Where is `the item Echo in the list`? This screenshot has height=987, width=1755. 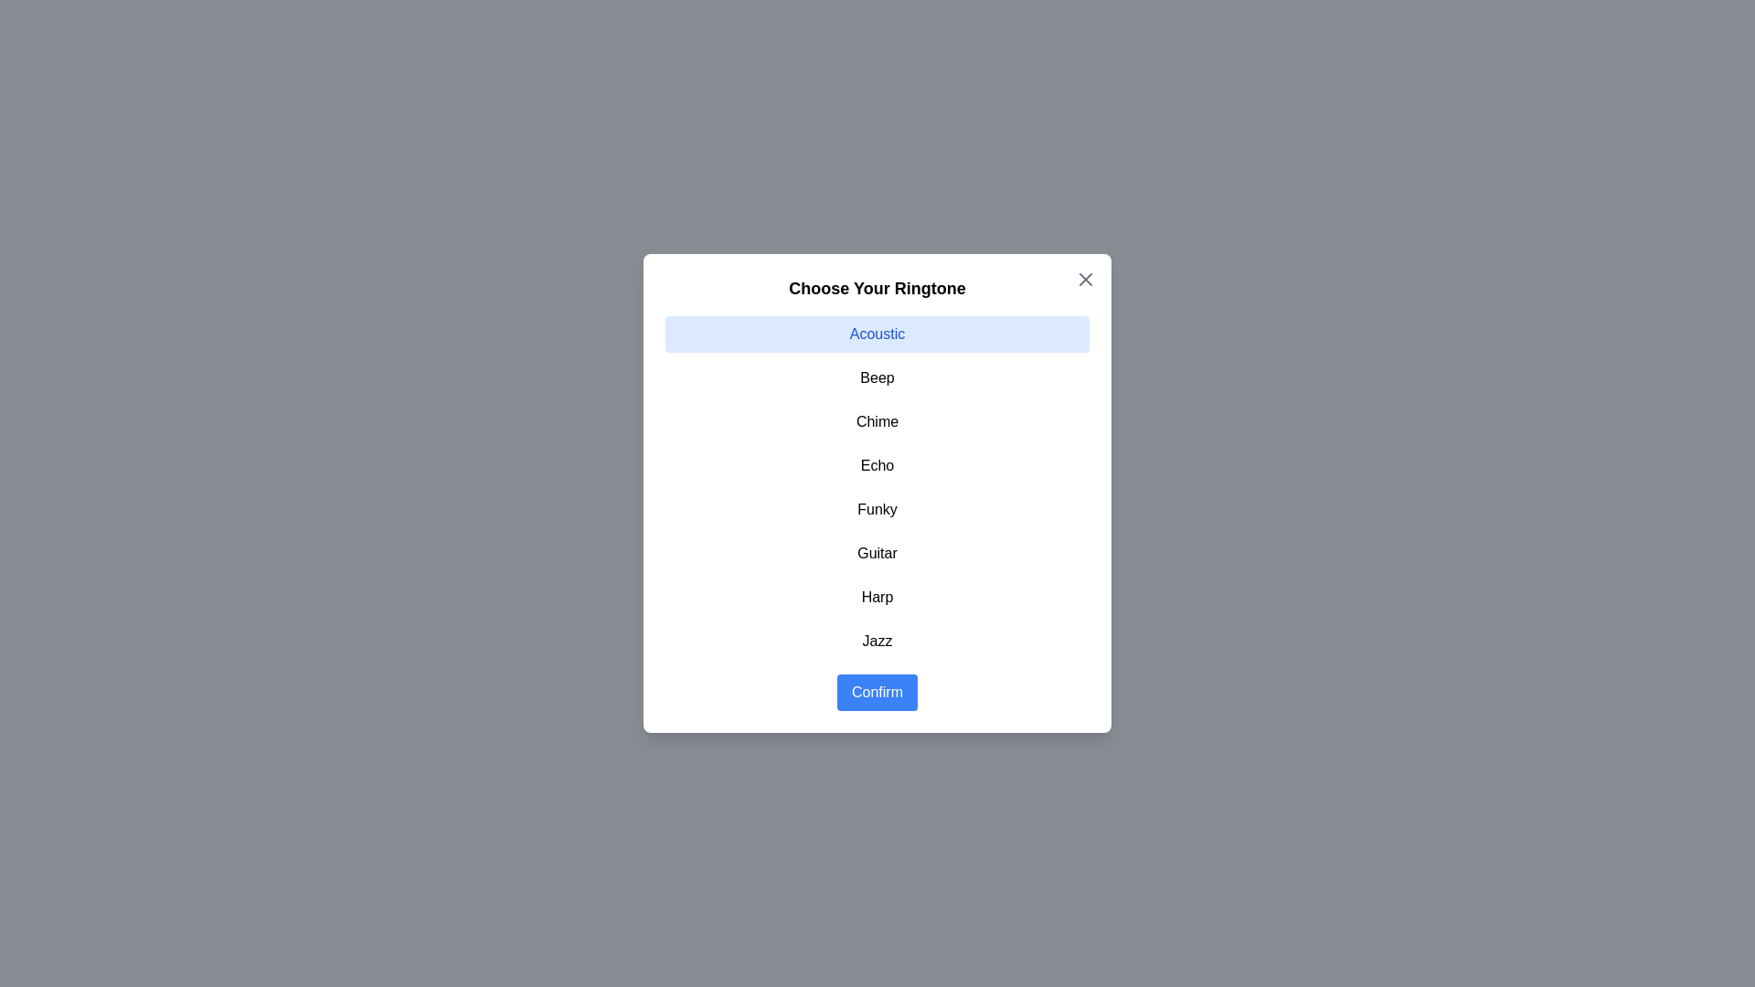 the item Echo in the list is located at coordinates (877, 464).